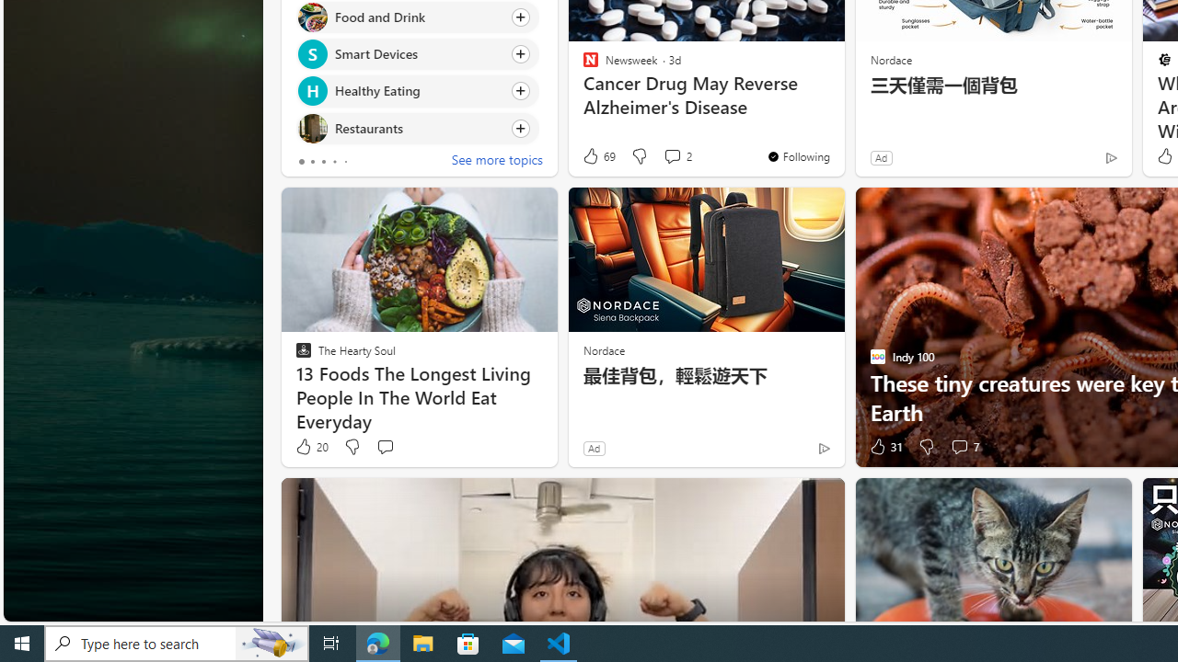 This screenshot has height=662, width=1178. What do you see at coordinates (798, 154) in the screenshot?
I see `'You'` at bounding box center [798, 154].